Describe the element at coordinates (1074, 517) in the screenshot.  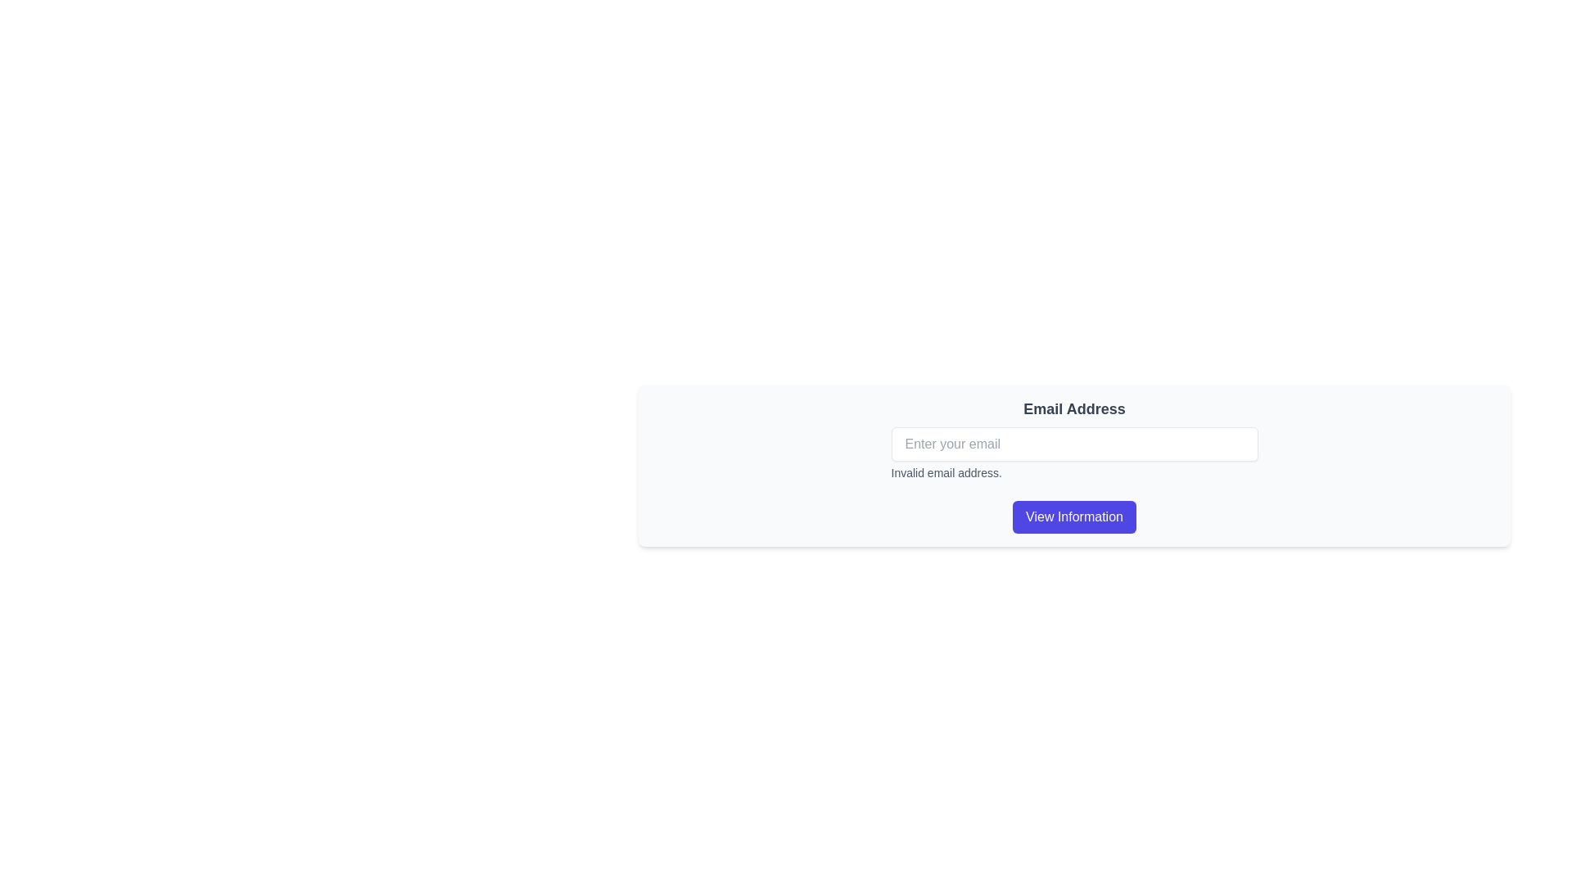
I see `the rectangular button with rounded corners that has white text reading 'View Information' to observe a background color change` at that location.